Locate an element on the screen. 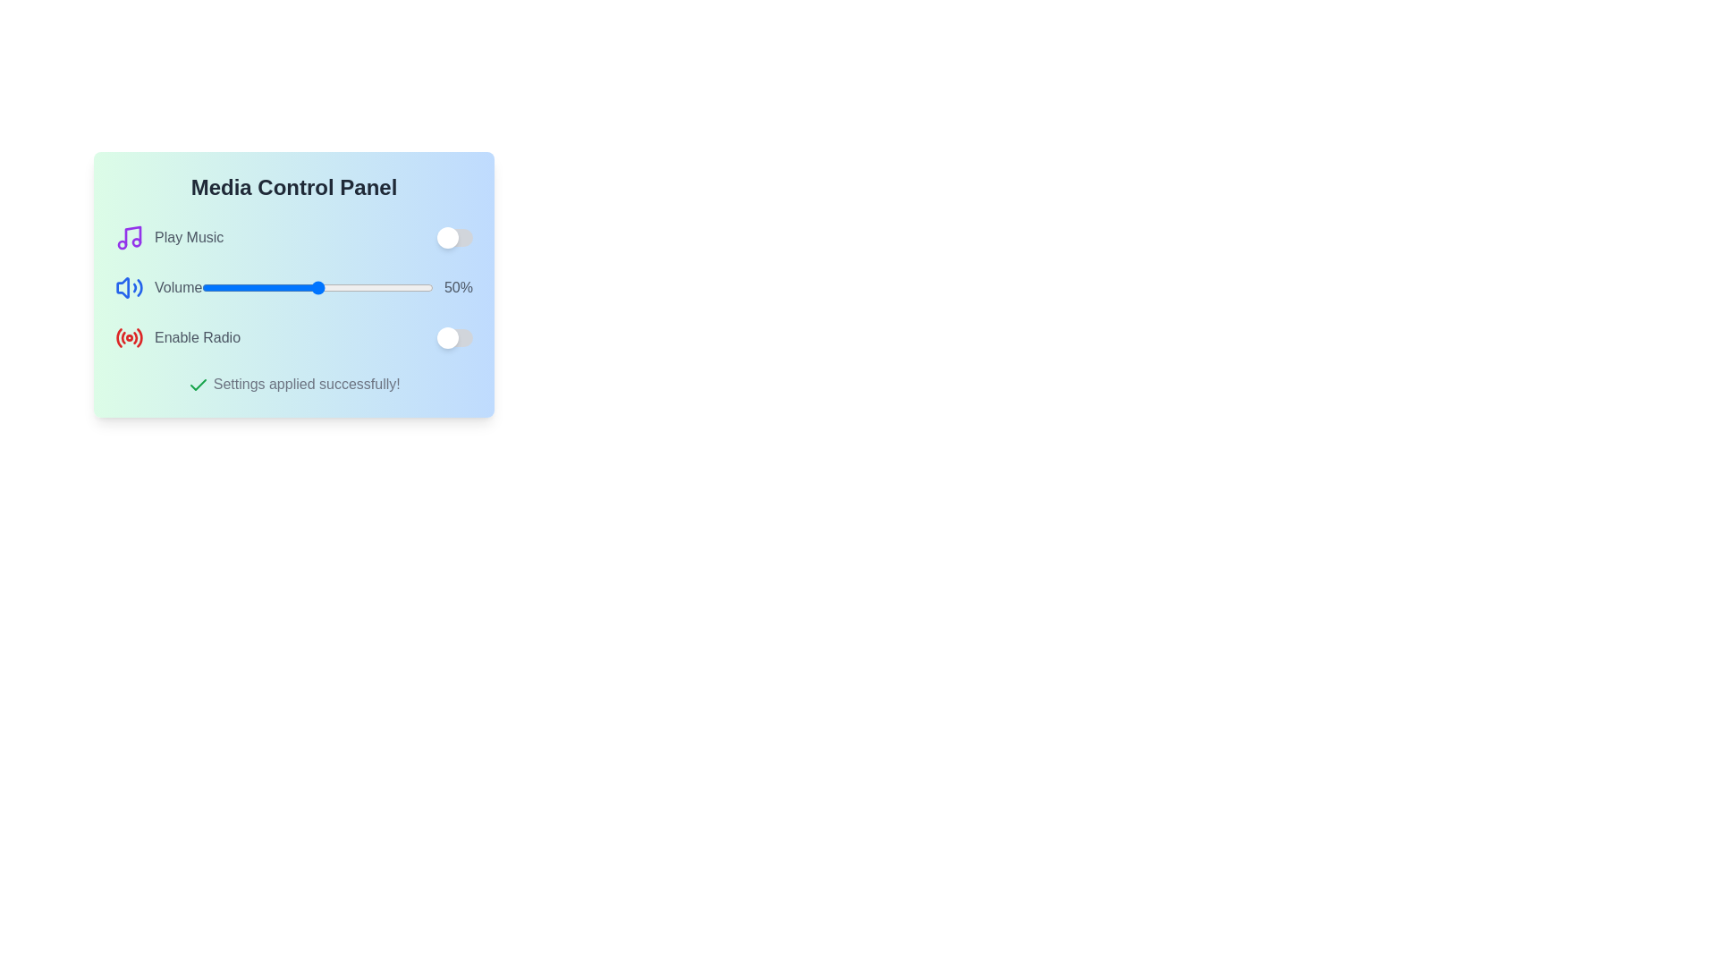 The image size is (1717, 966). the slider is located at coordinates (394, 286).